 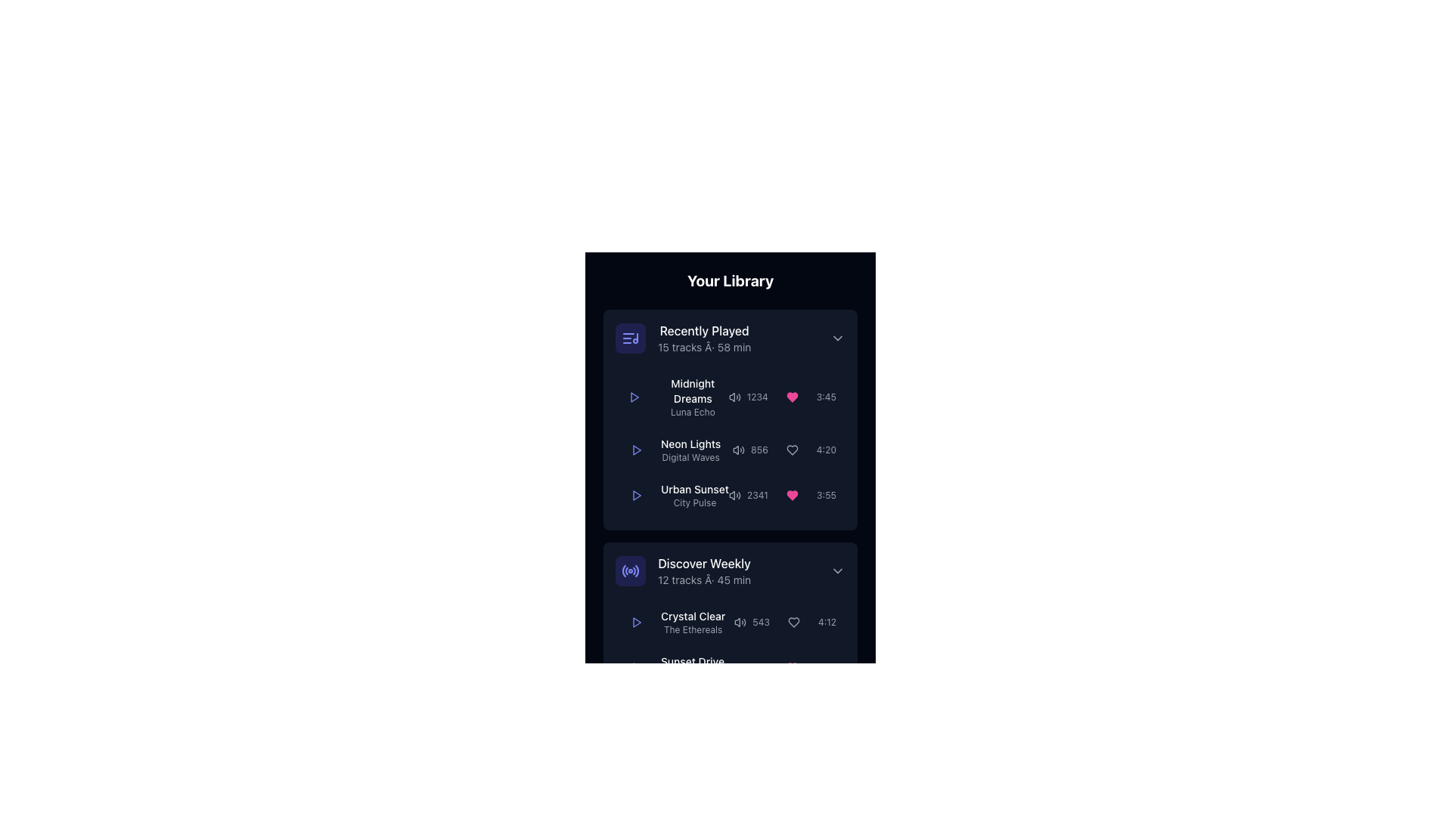 What do you see at coordinates (703, 563) in the screenshot?
I see `text label displaying 'Discover Weekly' in white font on a dark background, located in the 'Your Library' section under the header 'Discover Weekly'` at bounding box center [703, 563].